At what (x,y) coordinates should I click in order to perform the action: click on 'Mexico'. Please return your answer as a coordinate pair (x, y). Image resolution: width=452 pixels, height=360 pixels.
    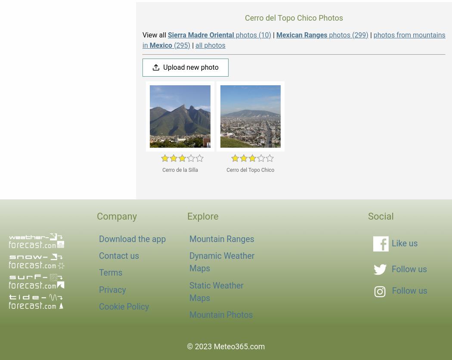
    Looking at the image, I should click on (160, 45).